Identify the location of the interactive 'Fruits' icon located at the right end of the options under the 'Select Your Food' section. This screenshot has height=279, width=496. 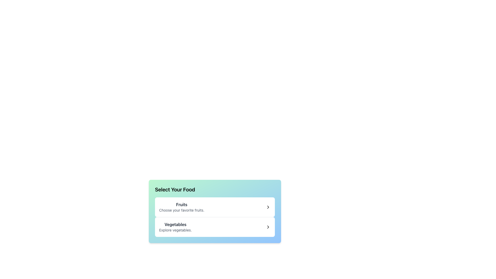
(268, 207).